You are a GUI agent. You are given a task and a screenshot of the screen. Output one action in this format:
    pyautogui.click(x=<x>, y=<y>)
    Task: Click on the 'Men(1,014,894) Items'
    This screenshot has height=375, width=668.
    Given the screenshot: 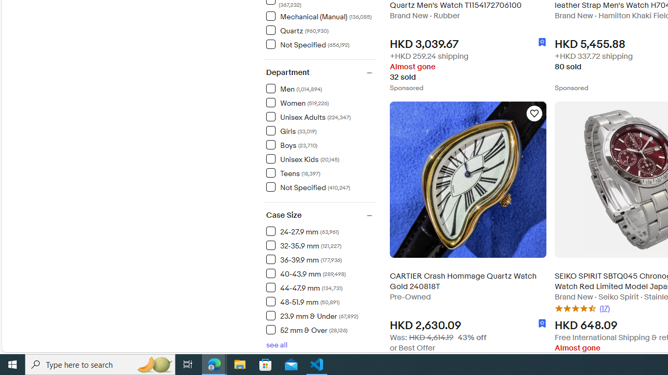 What is the action you would take?
    pyautogui.click(x=320, y=87)
    